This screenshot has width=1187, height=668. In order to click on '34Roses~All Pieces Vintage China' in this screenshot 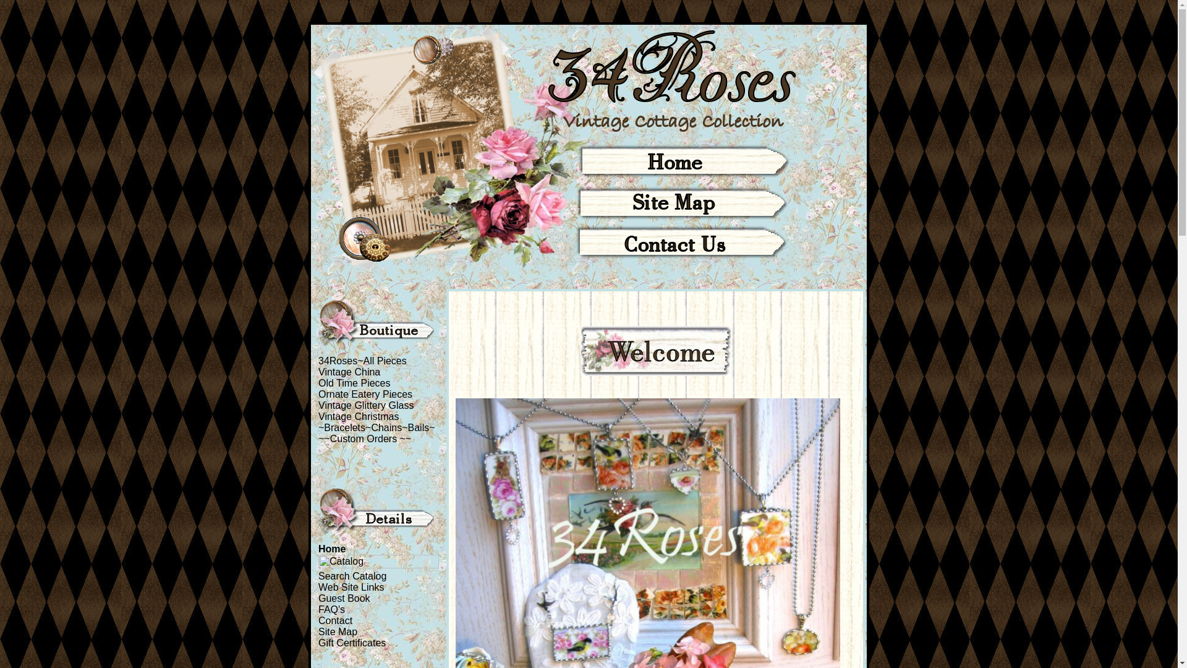, I will do `click(362, 366)`.